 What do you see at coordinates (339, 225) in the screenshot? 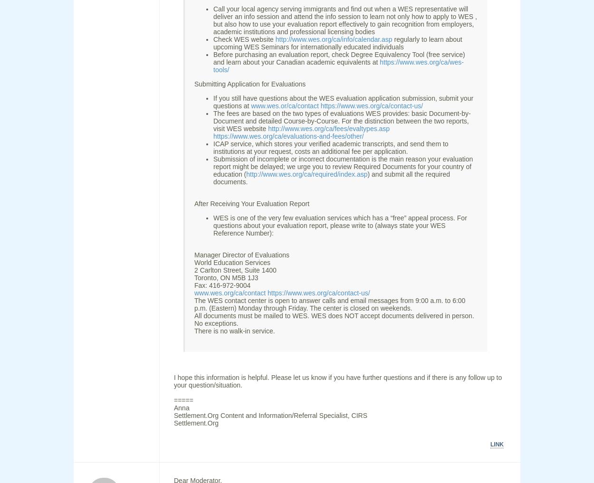
I see `'WES is one of the very few evaluation services which has a “free” appeal process.  For questions about your evaluation report, please write to (always state your WES Reference Number):'` at bounding box center [339, 225].